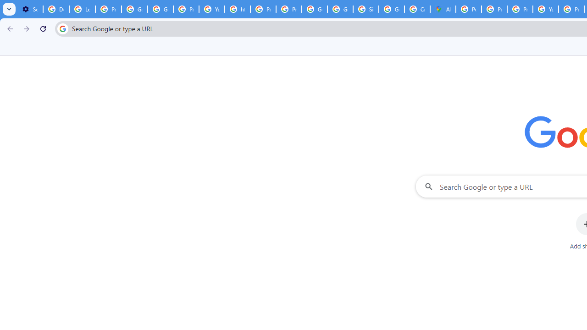  I want to click on 'Settings - On startup', so click(30, 9).